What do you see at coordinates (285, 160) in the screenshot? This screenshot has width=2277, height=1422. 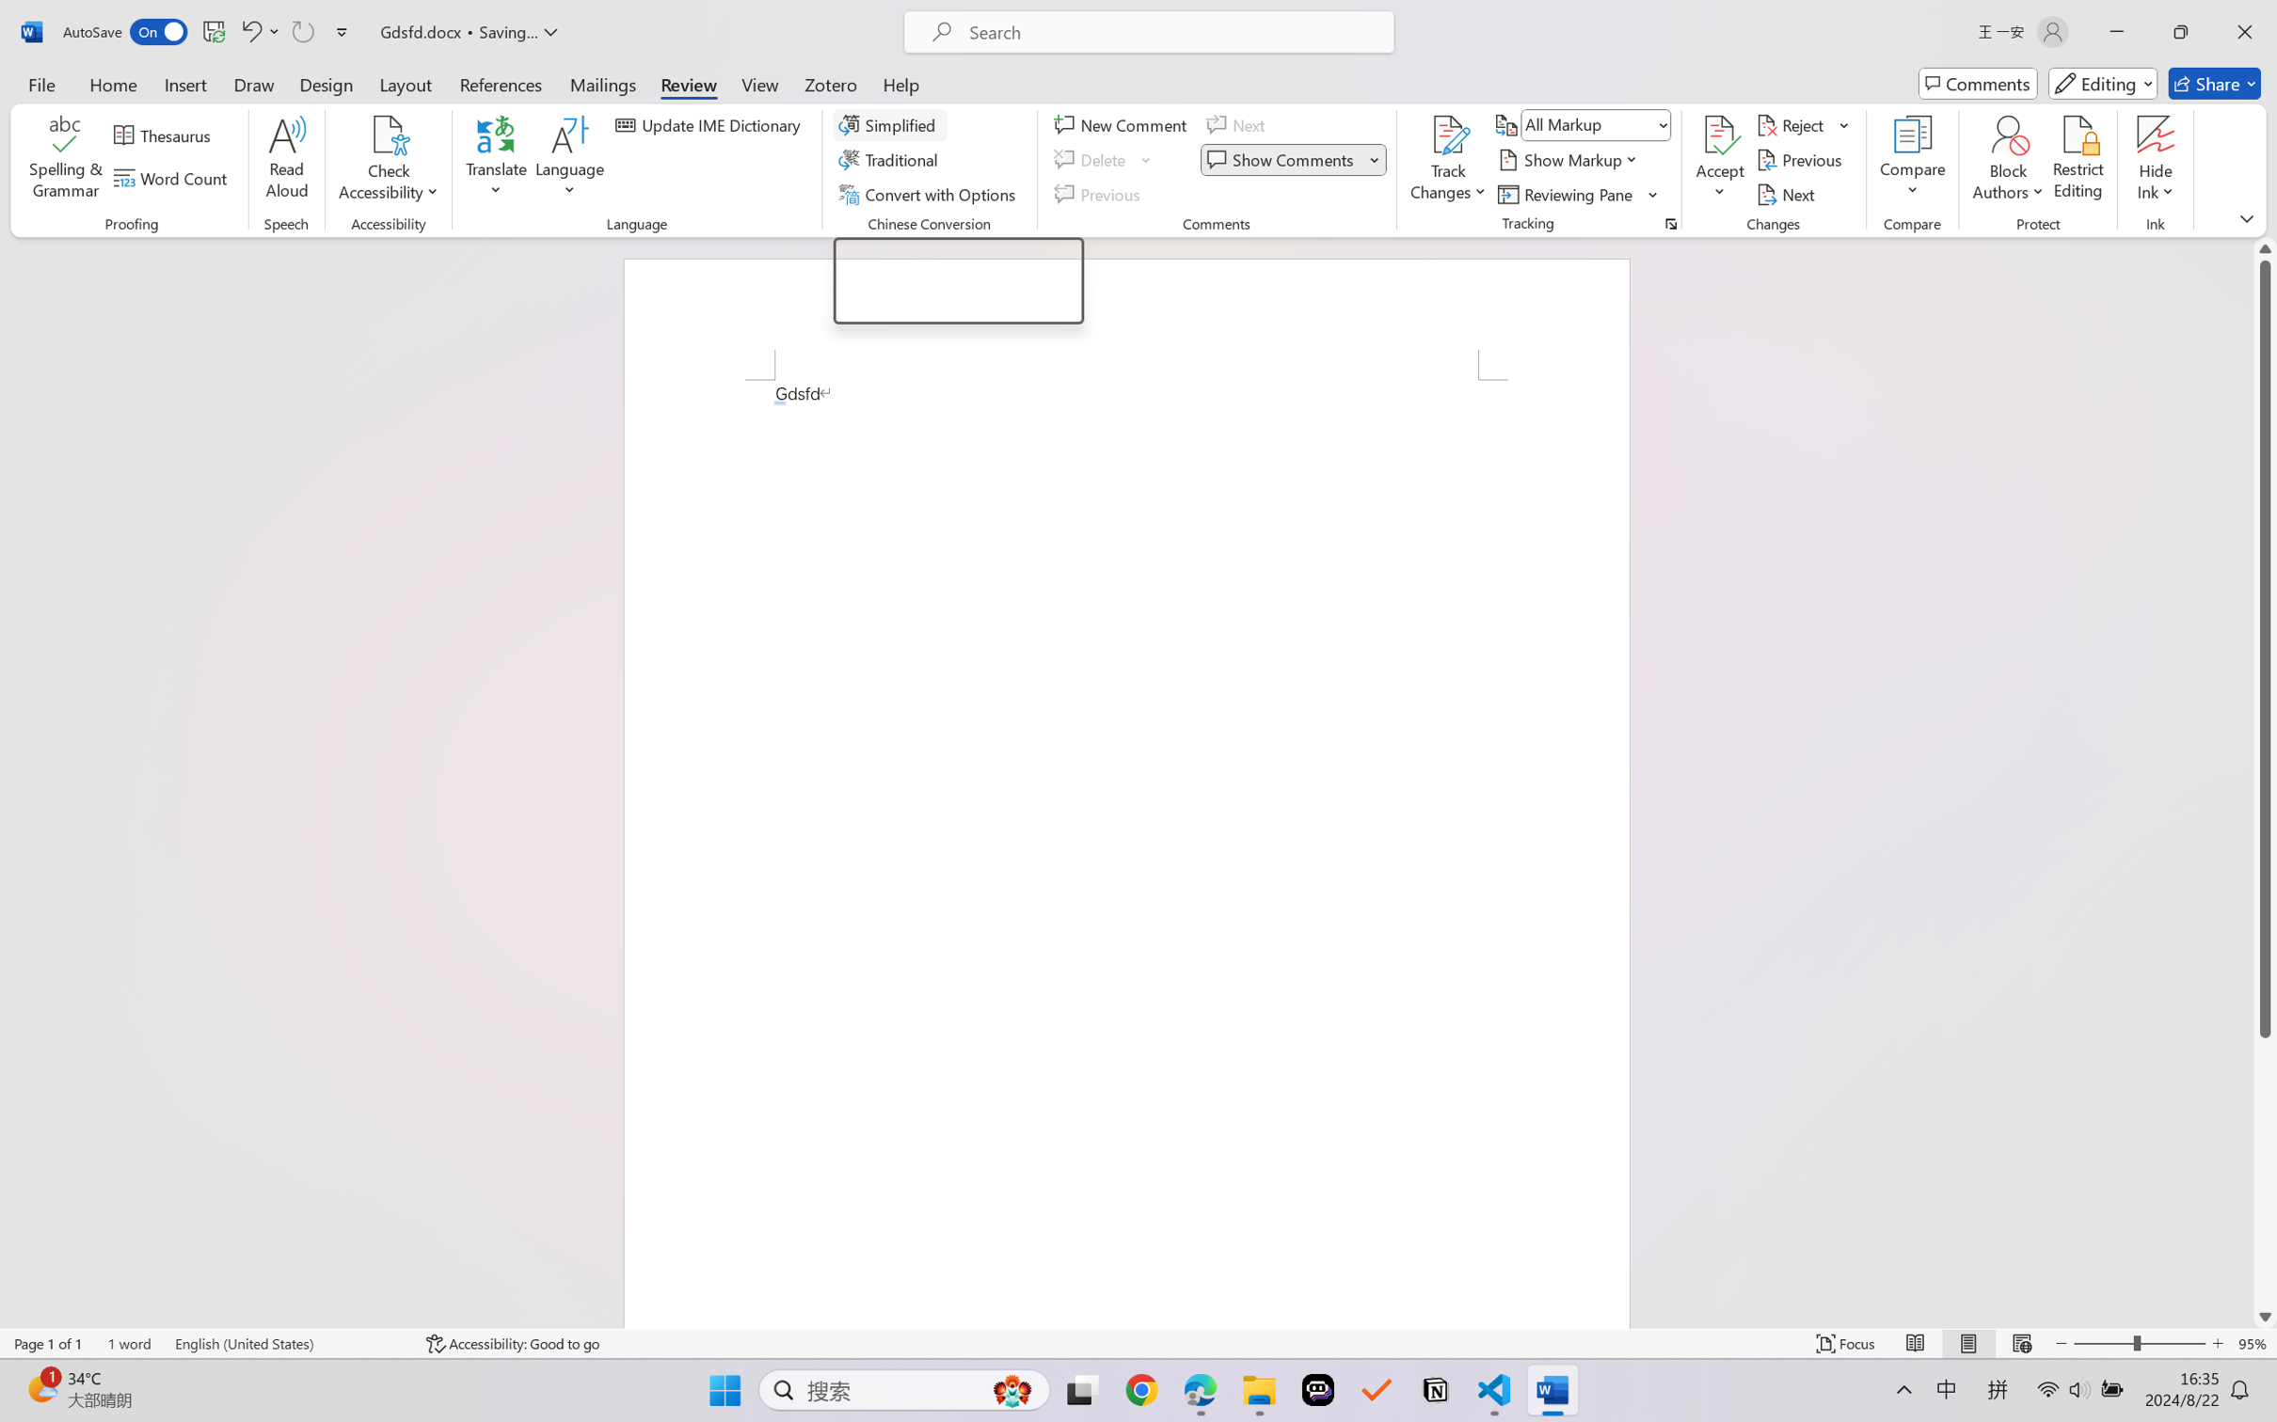 I see `'Read Aloud'` at bounding box center [285, 160].